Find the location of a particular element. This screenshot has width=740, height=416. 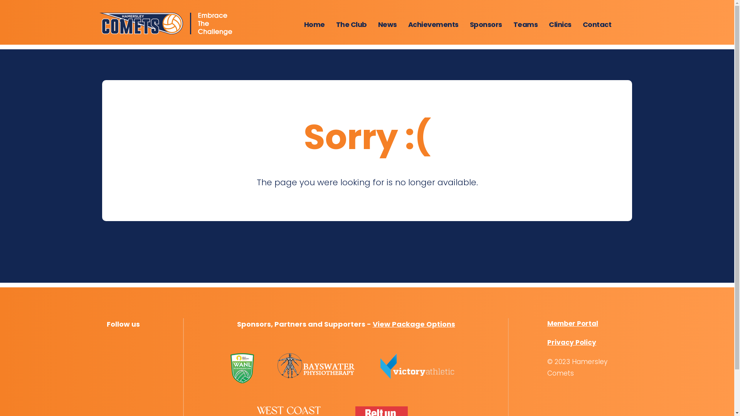

'Privacy Policy' is located at coordinates (572, 342).